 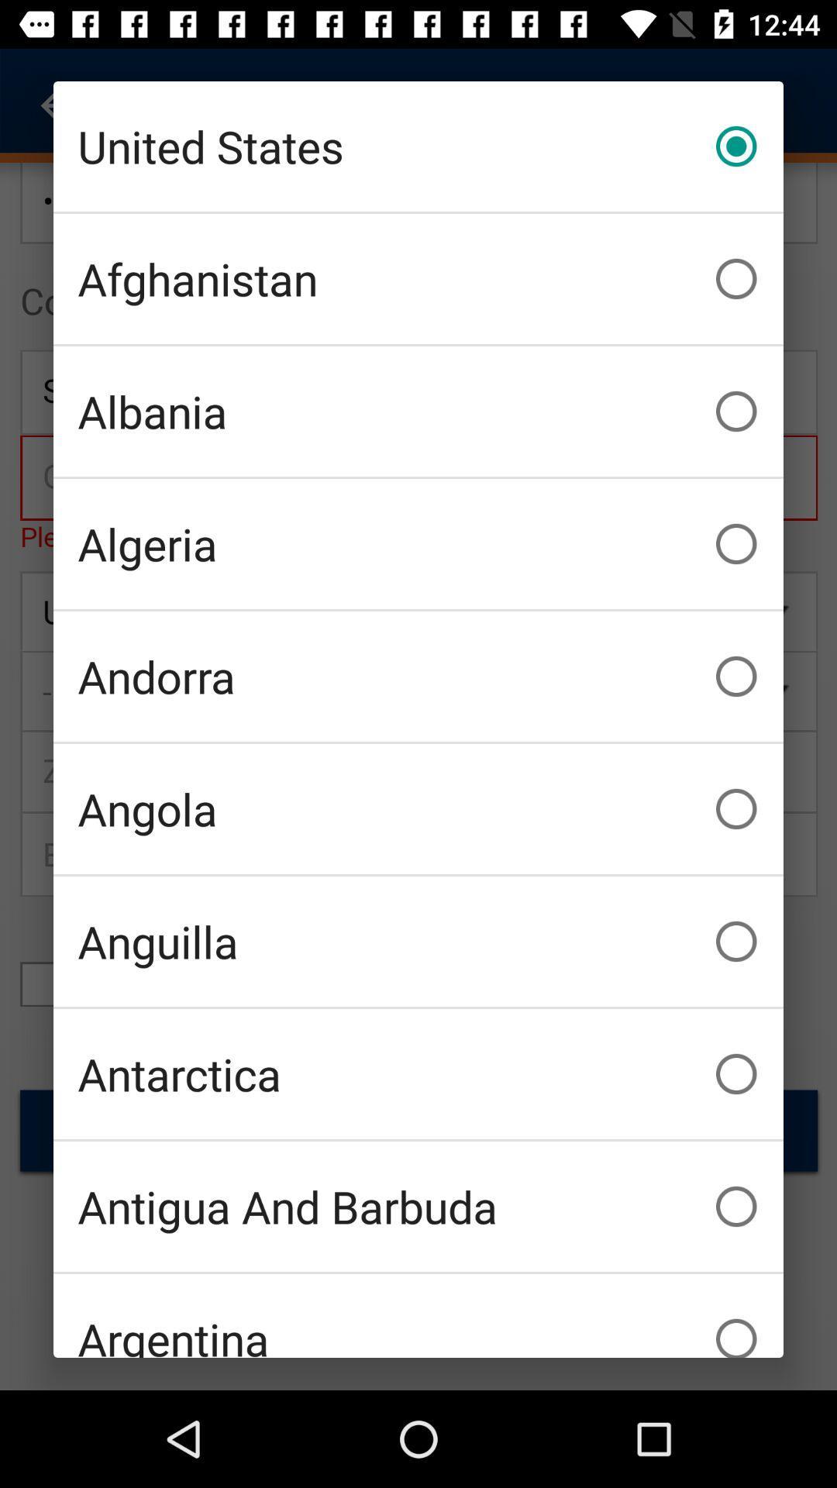 I want to click on the icon above afghanistan, so click(x=418, y=146).